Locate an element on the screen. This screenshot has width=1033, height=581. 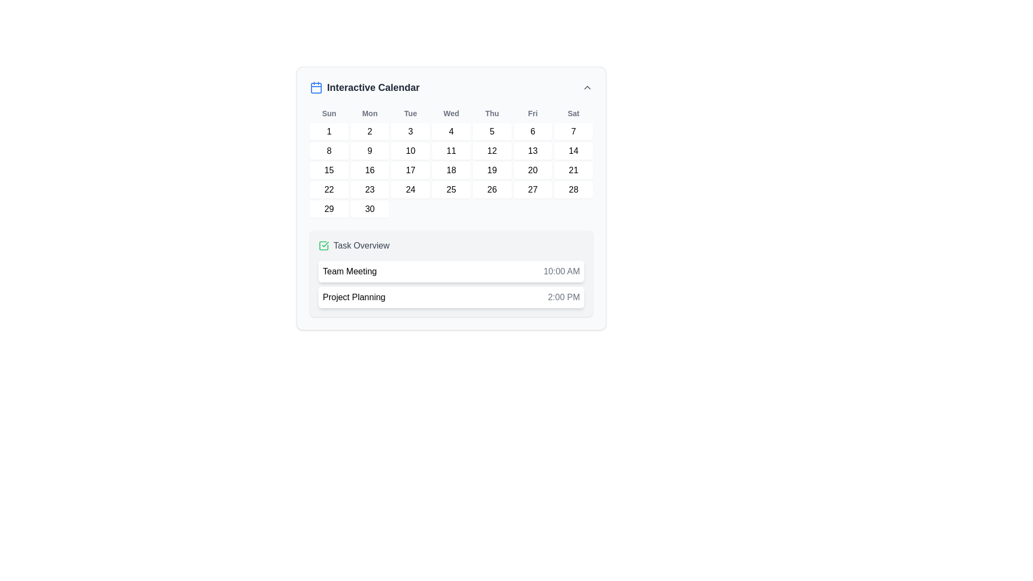
text from the Text label displaying 'Team Meeting' located in a white rectangular box with a subtle shadow, positioned to the left of the time indicator '10:00 AM' is located at coordinates (350, 271).